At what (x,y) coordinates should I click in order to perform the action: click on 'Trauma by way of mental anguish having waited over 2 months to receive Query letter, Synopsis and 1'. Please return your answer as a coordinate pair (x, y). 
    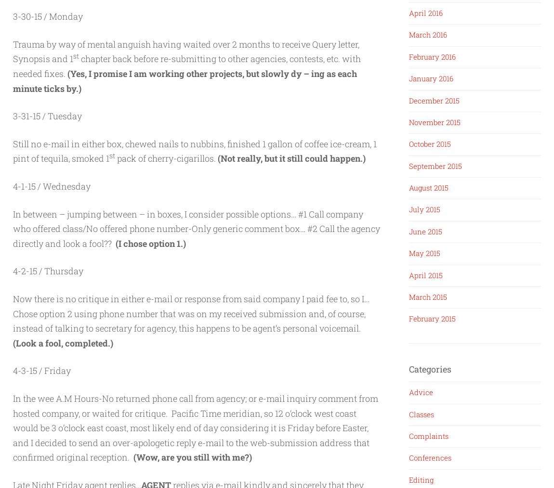
    Looking at the image, I should click on (186, 51).